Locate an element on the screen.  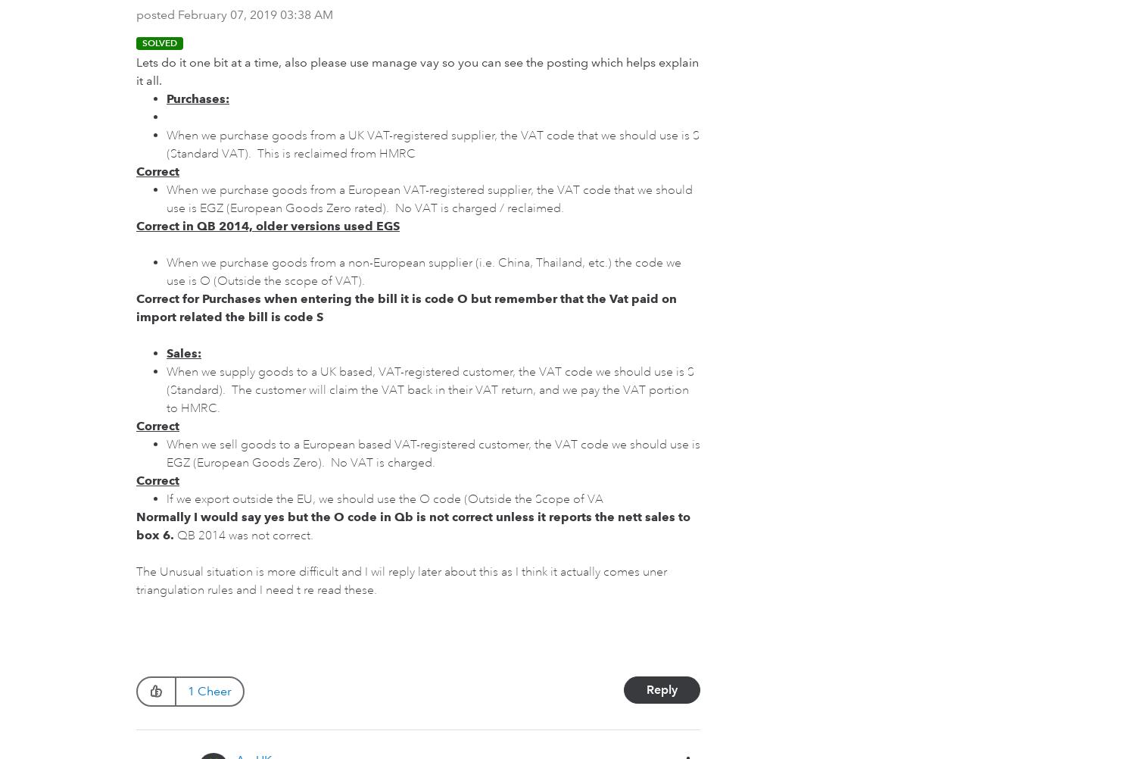
'The Unusual situation is more difficult and I wil reply later about this as I think it actually comes uner triangulation rules and I need t re read these.' is located at coordinates (401, 580).